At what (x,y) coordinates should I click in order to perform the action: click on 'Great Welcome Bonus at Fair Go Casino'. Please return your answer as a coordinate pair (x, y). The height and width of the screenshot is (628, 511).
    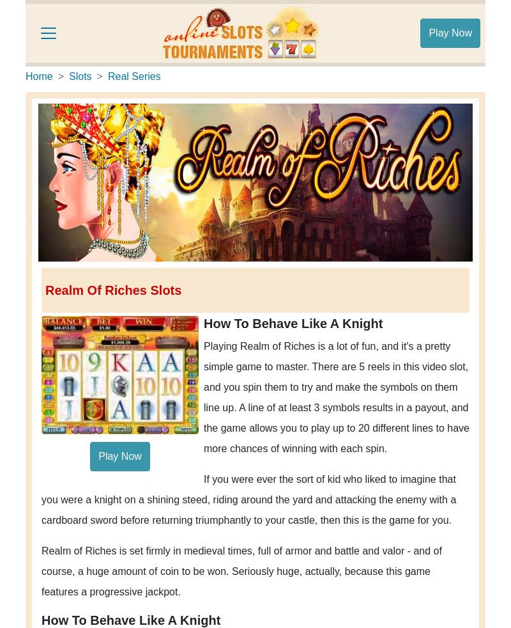
    Looking at the image, I should click on (148, 325).